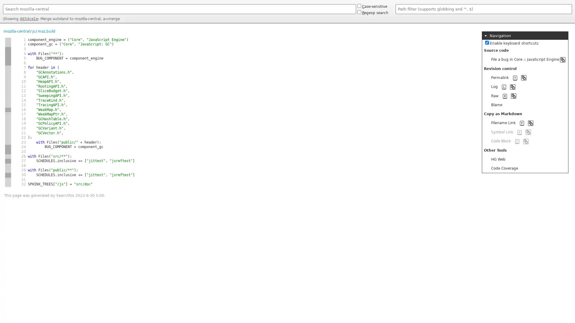 The image size is (575, 323). Describe the element at coordinates (8, 175) in the screenshot. I see `new hash 1` at that location.